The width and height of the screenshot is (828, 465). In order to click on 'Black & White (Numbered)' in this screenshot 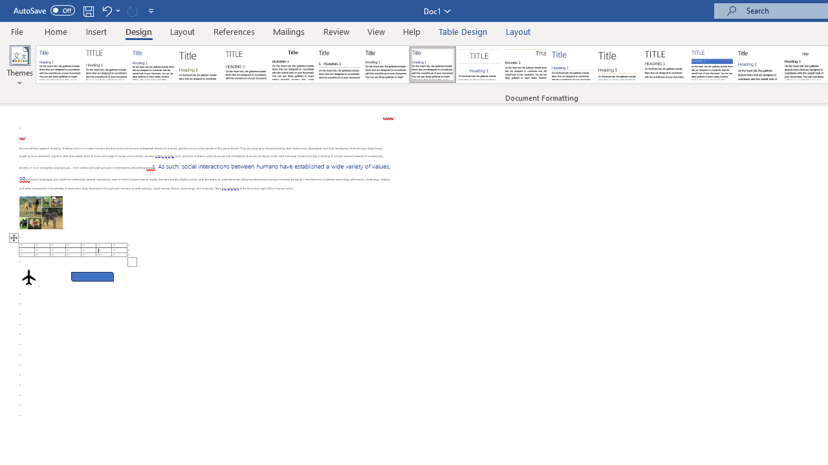, I will do `click(339, 65)`.